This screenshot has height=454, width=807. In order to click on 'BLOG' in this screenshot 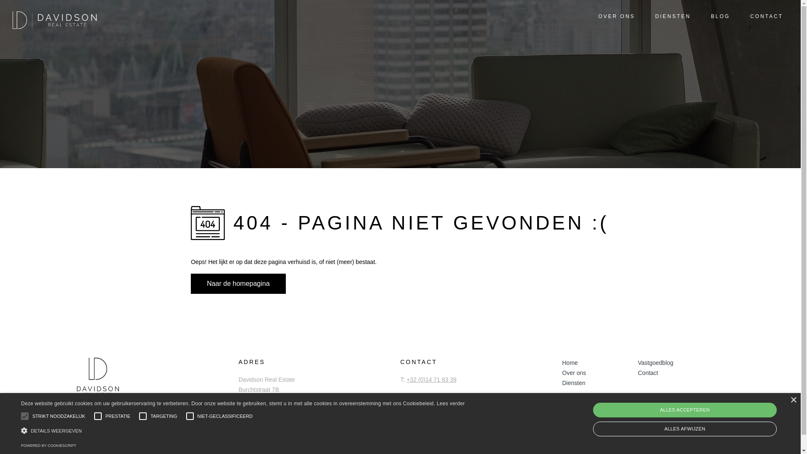, I will do `click(715, 17)`.